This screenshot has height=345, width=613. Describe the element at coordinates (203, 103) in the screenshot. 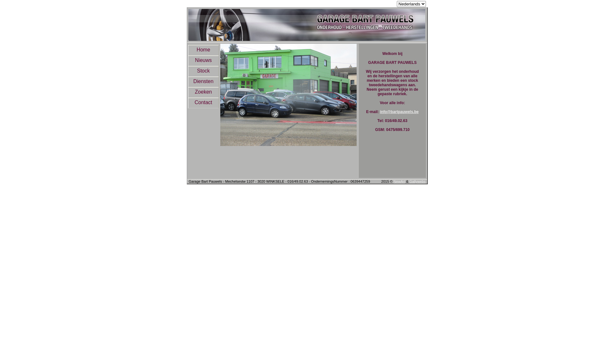

I see `'Contact'` at that location.